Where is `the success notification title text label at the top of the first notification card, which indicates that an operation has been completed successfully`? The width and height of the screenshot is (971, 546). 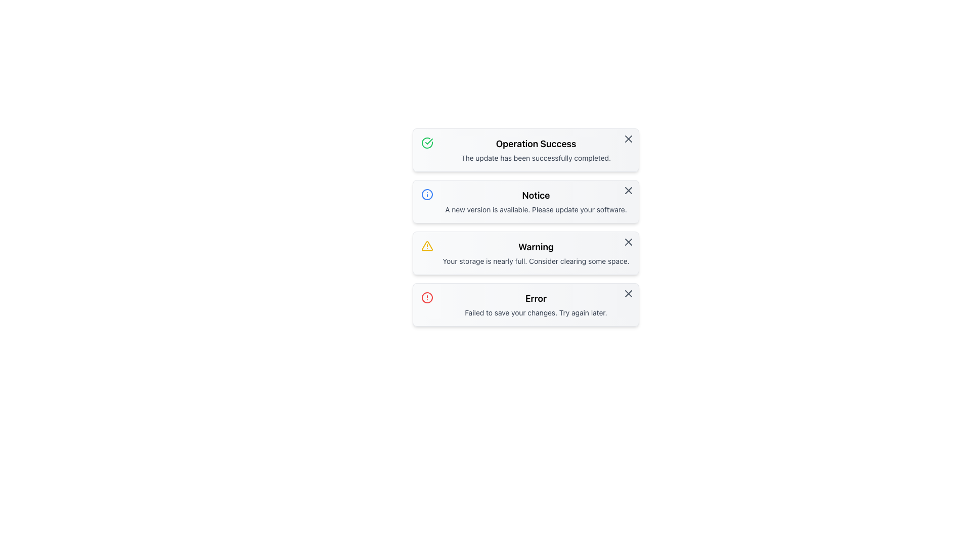 the success notification title text label at the top of the first notification card, which indicates that an operation has been completed successfully is located at coordinates (536, 144).